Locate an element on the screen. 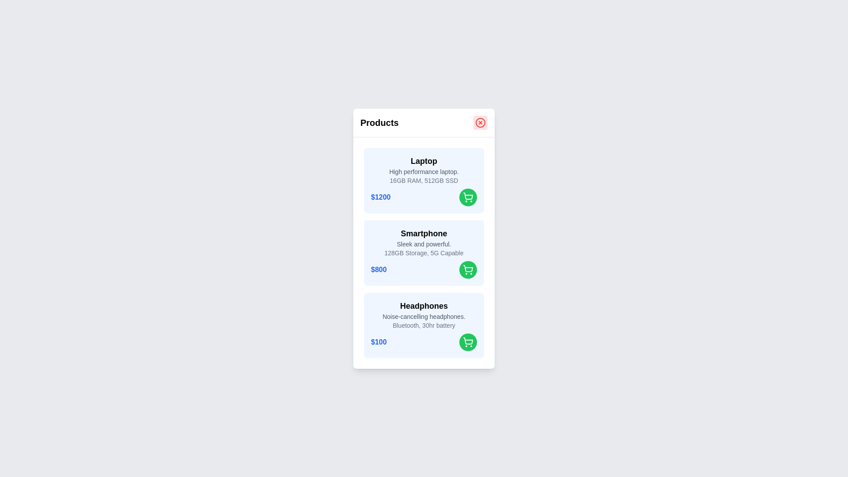  the price of the product Smartphone is located at coordinates (379, 269).